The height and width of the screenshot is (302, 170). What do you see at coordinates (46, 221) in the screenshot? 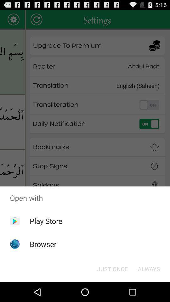
I see `play store item` at bounding box center [46, 221].